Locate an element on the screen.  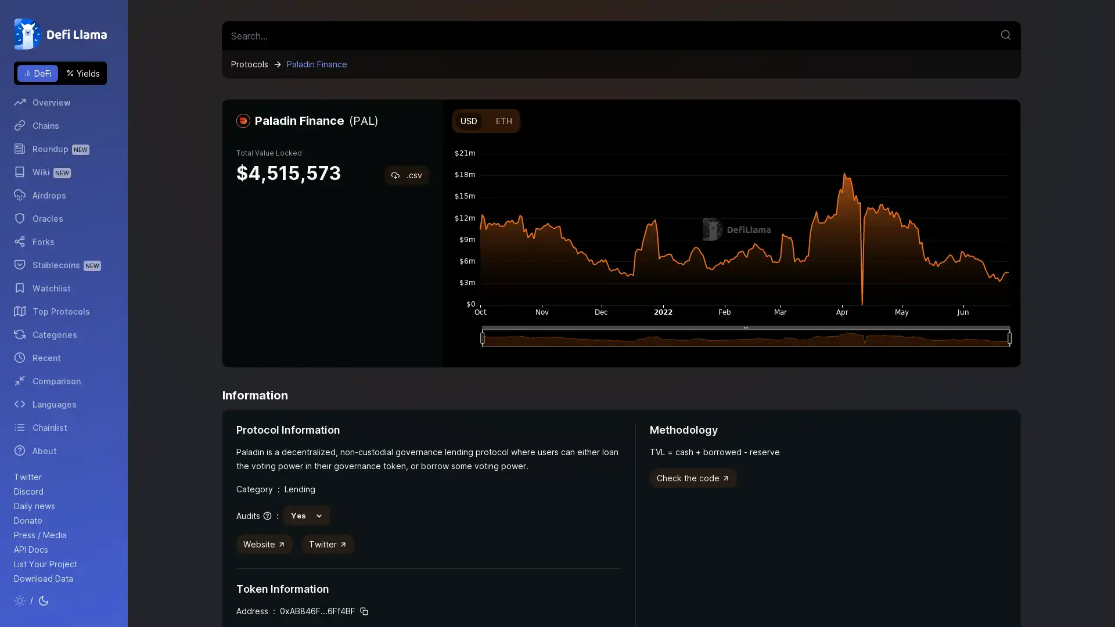
Copy is located at coordinates (364, 611).